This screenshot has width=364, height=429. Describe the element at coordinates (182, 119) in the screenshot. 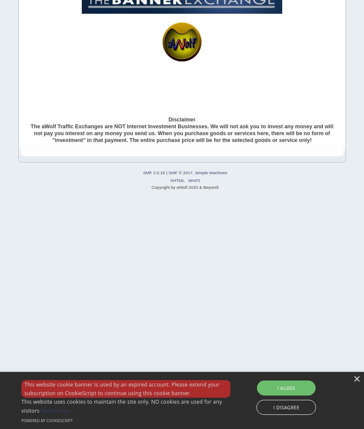

I see `'Disclaimer'` at that location.